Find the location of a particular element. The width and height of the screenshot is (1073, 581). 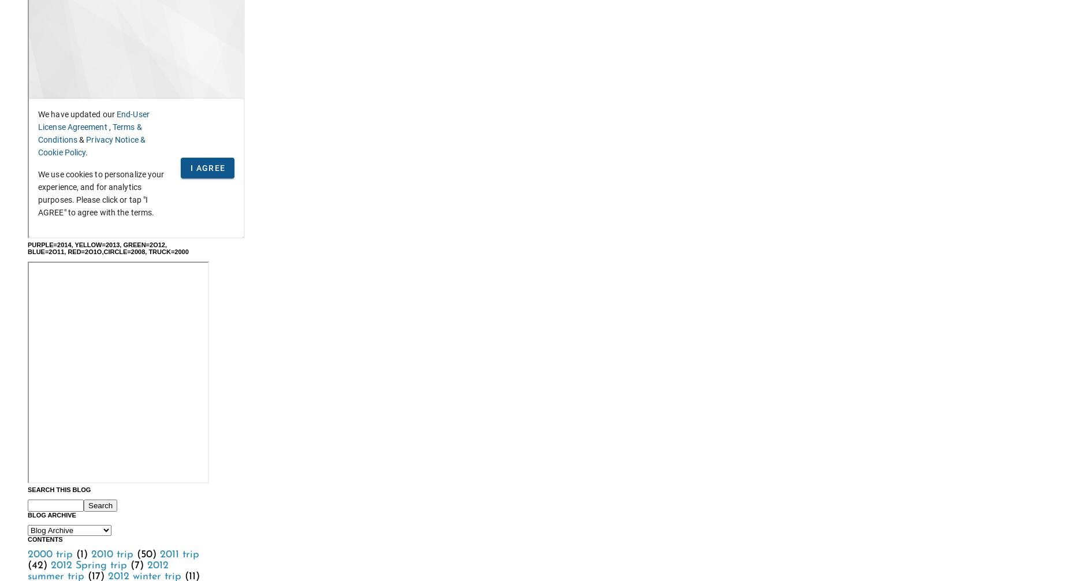

'purple=2014, yellow=2013, green=2O12, blue=2O11, red=2O1O,Circle=2008, truck=2000' is located at coordinates (107, 247).